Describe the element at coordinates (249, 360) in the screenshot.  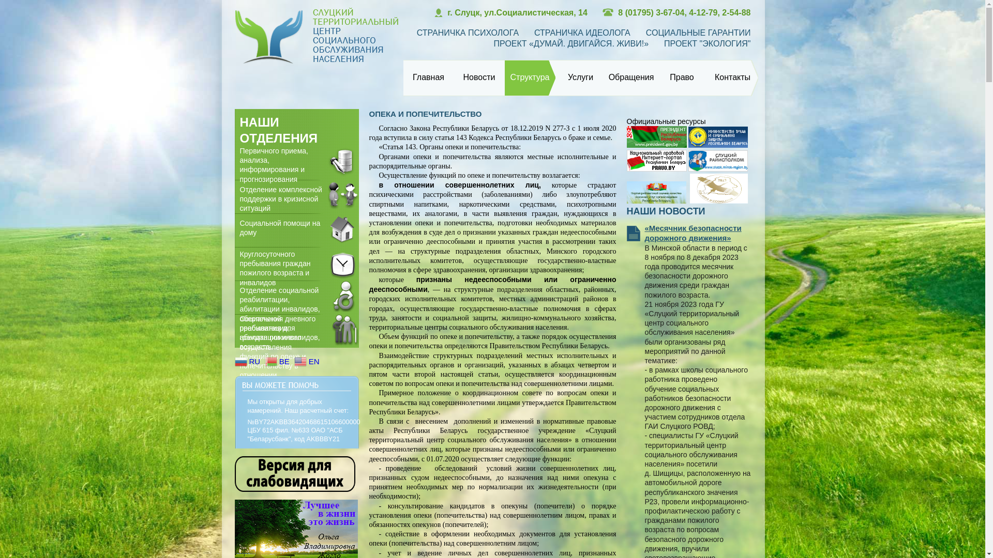
I see `'RU'` at that location.